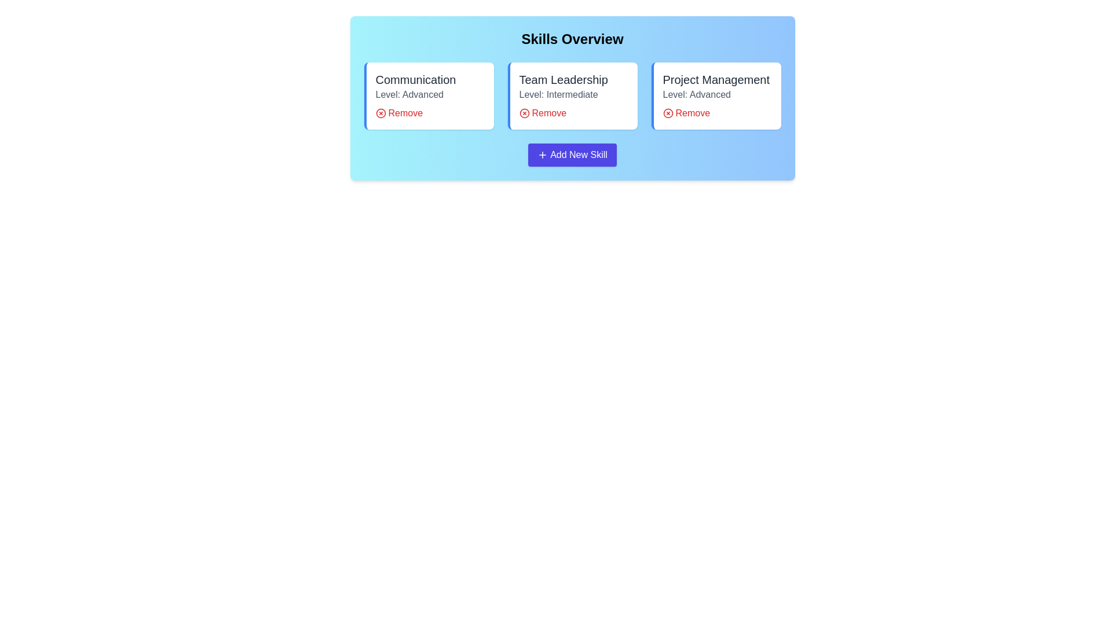 The width and height of the screenshot is (1112, 625). I want to click on 'Remove' button for the skill Project Management, so click(686, 113).